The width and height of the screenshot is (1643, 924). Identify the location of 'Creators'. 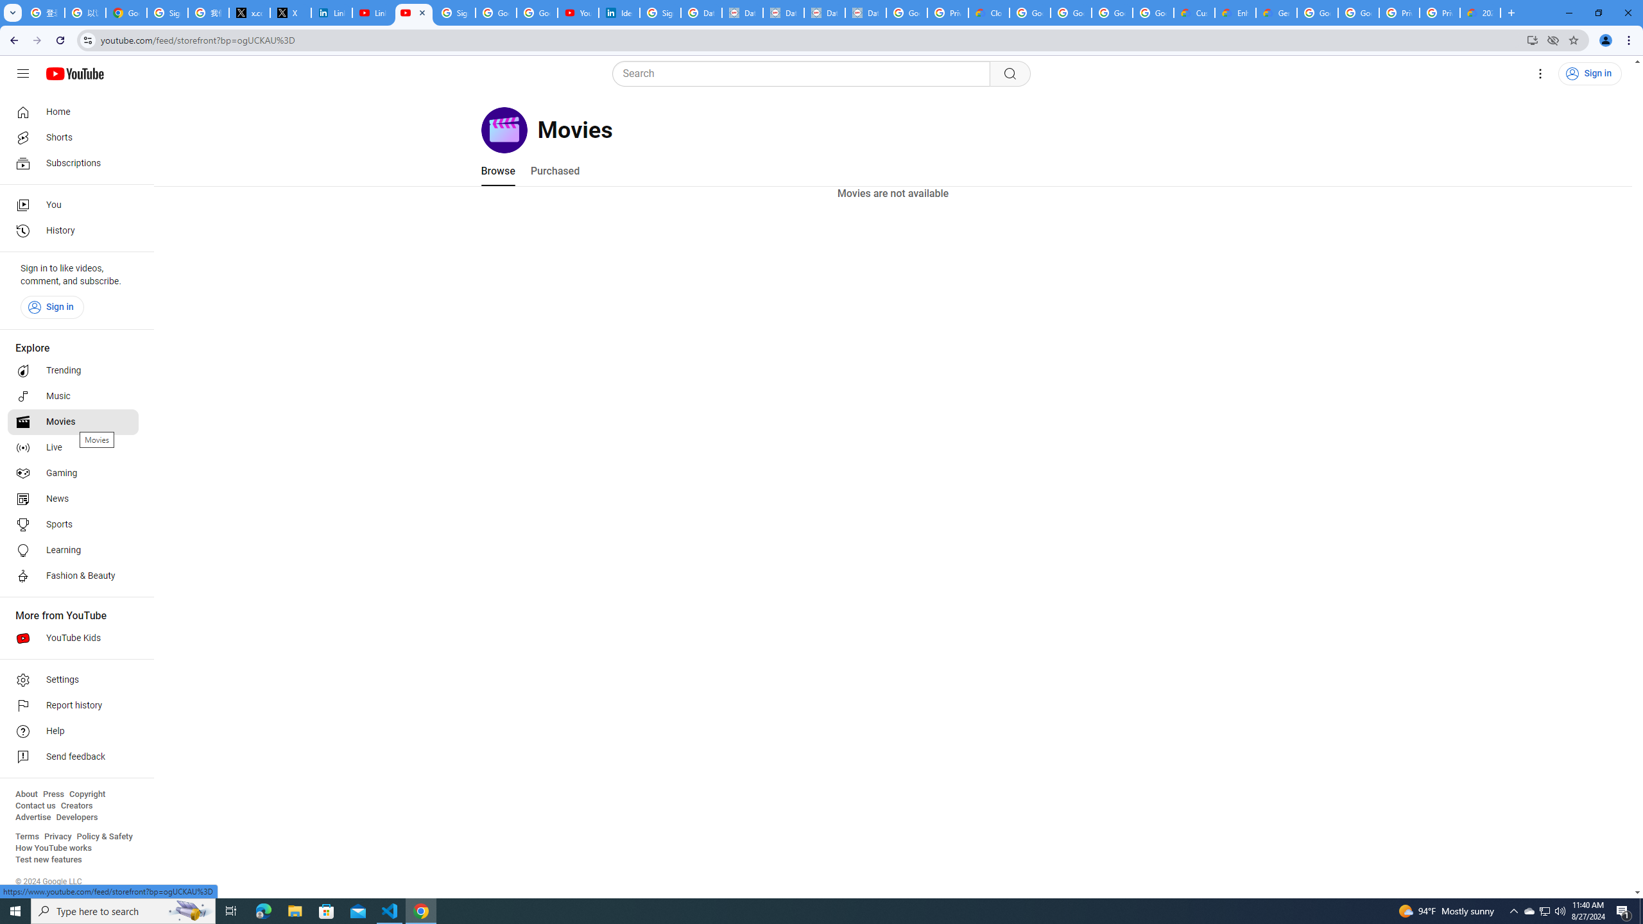
(76, 805).